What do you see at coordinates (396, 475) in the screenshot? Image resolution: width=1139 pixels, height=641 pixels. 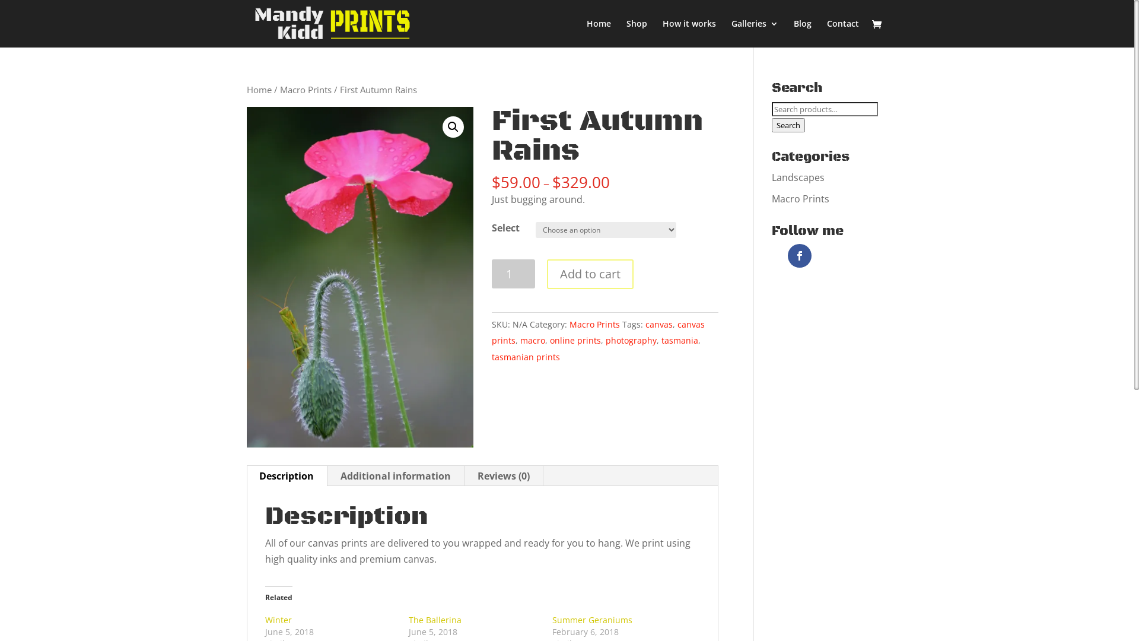 I see `'Additional information'` at bounding box center [396, 475].